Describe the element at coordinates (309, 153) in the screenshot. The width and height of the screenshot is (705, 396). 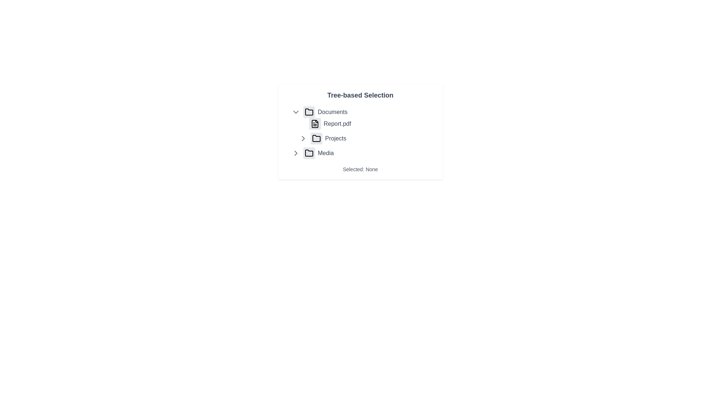
I see `the folder icon located as the fourth item in the list for the 'Media' entry` at that location.